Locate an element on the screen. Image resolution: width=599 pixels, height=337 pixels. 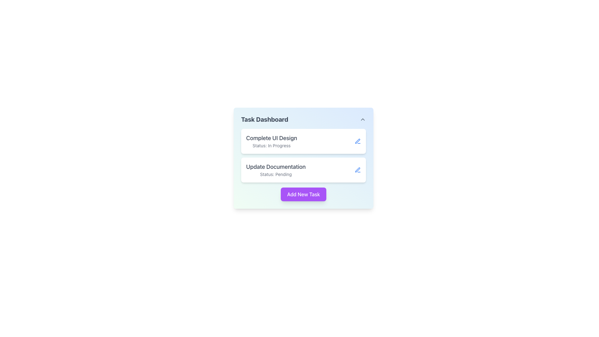
the text label displaying 'Update Documentation' in the Task Dashboard interface, which is located above the 'Status: Pending' text is located at coordinates (275, 167).